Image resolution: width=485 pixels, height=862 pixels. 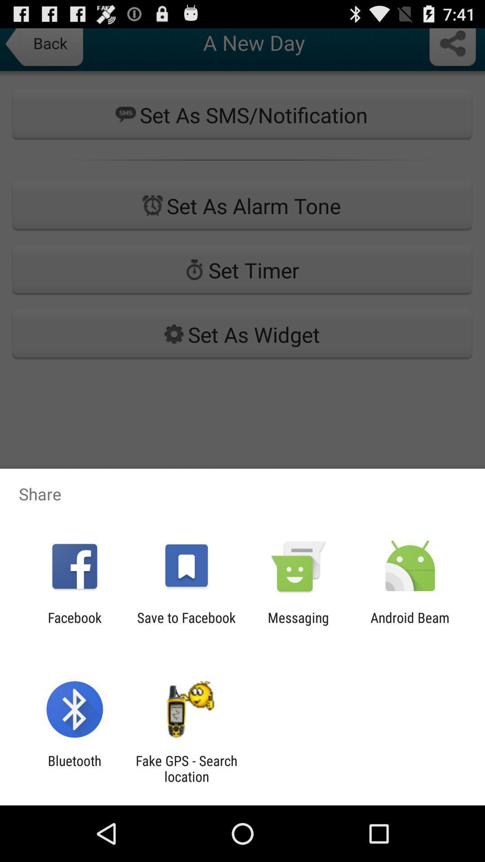 What do you see at coordinates (186, 625) in the screenshot?
I see `the item next to the facebook` at bounding box center [186, 625].